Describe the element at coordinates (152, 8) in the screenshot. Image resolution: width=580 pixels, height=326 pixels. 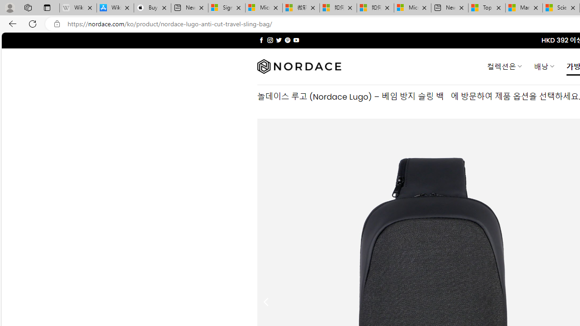
I see `'Buy iPad - Apple'` at that location.